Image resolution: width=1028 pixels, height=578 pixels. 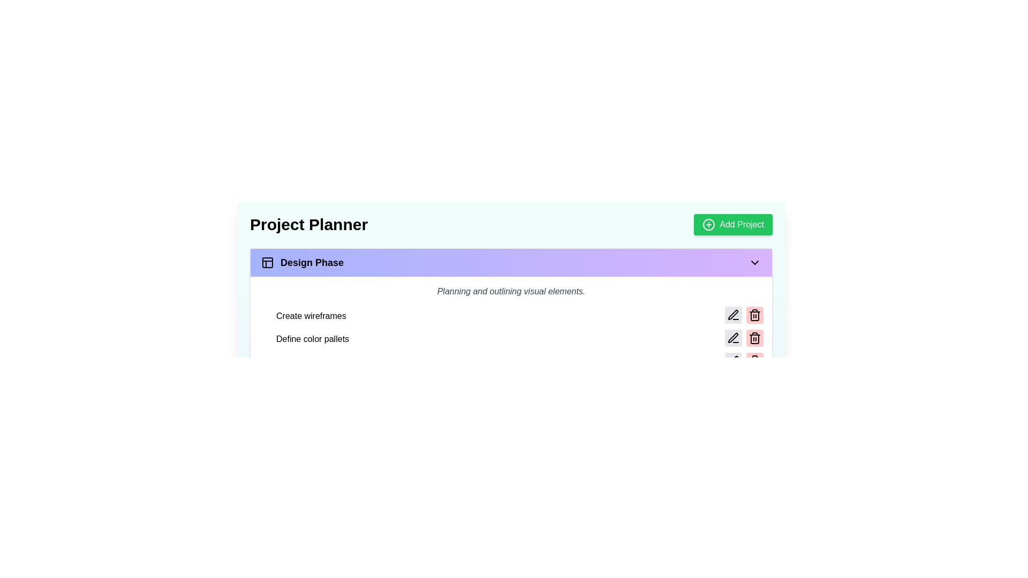 What do you see at coordinates (511, 291) in the screenshot?
I see `the static text element that reads 'Planning and outlining visual elements.' styled in italic light gray, positioned above a bulleted list` at bounding box center [511, 291].